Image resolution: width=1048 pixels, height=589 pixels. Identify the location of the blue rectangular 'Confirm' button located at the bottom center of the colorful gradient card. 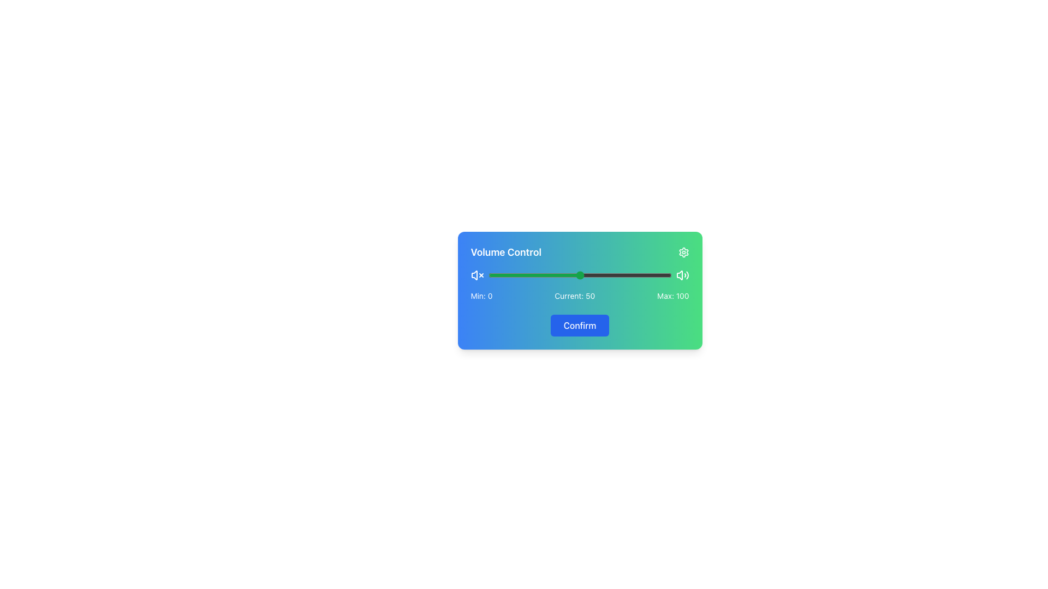
(579, 319).